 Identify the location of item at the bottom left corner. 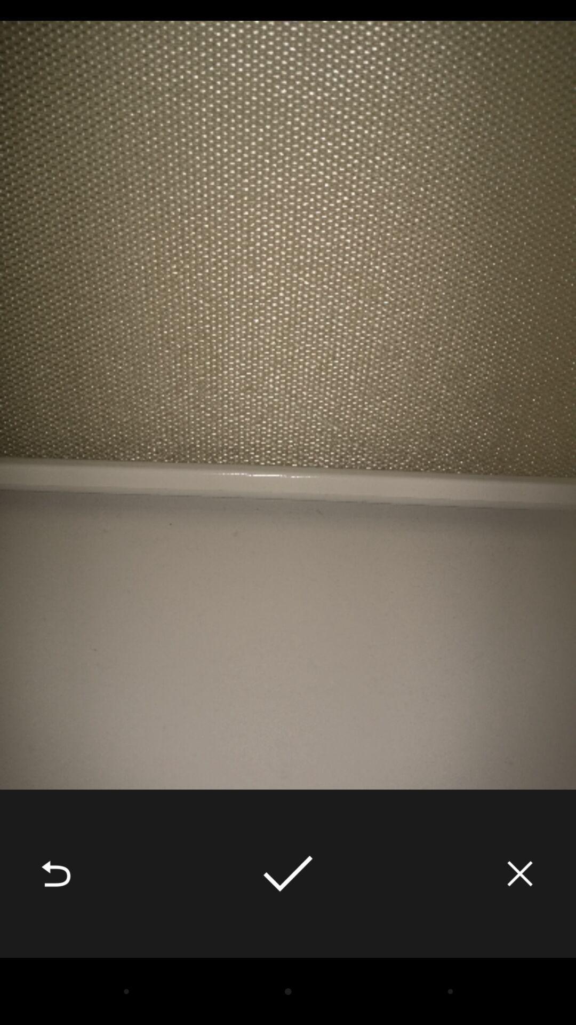
(55, 873).